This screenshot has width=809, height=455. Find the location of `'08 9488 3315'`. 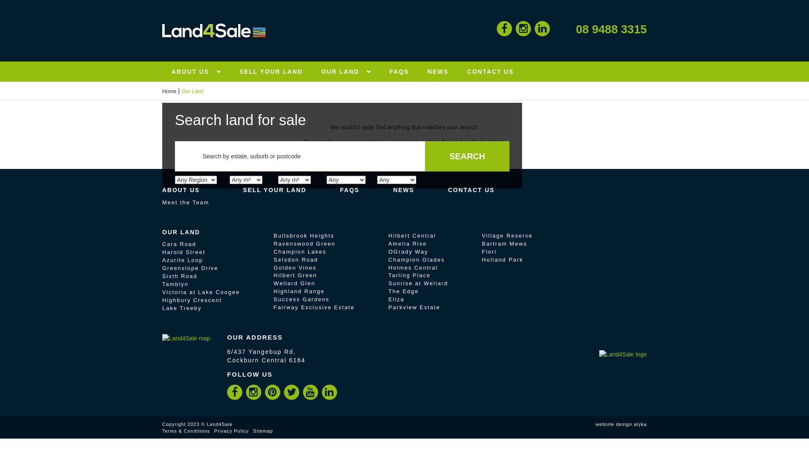

'08 9488 3315' is located at coordinates (602, 29).